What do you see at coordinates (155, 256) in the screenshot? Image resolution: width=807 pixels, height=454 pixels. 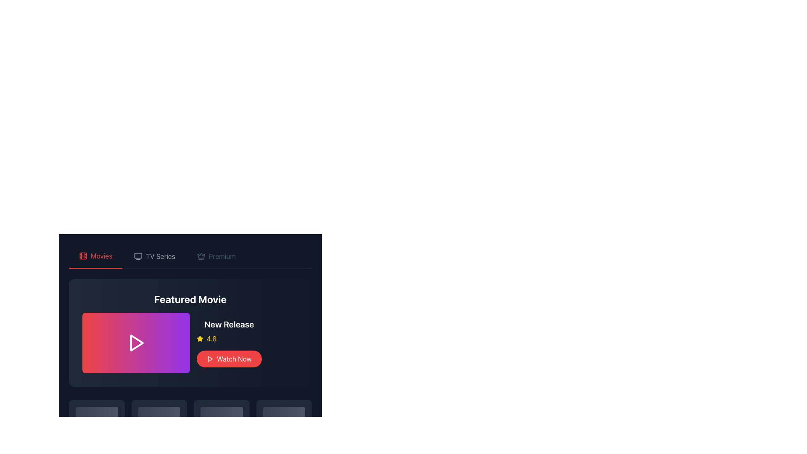 I see `the navigation button for TV series located in the navigation bar, positioned between 'Movies' and 'Premium'` at bounding box center [155, 256].